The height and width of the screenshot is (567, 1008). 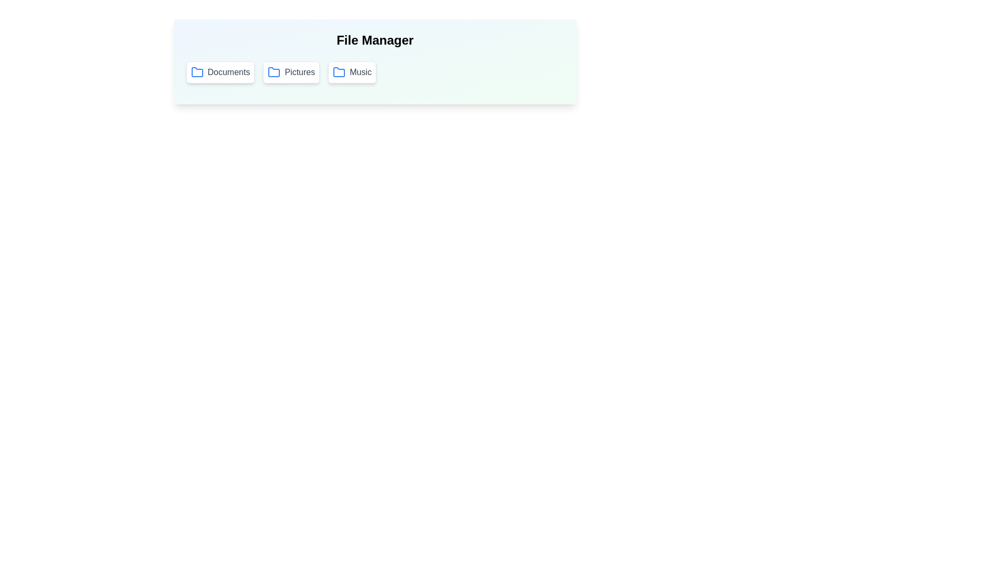 What do you see at coordinates (291, 72) in the screenshot?
I see `the folder button labeled Pictures to select it` at bounding box center [291, 72].